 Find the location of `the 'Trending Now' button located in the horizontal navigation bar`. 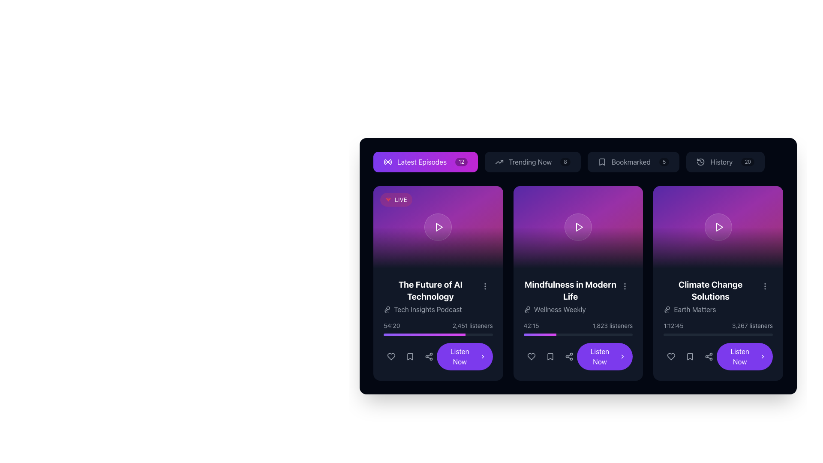

the 'Trending Now' button located in the horizontal navigation bar is located at coordinates (532, 162).